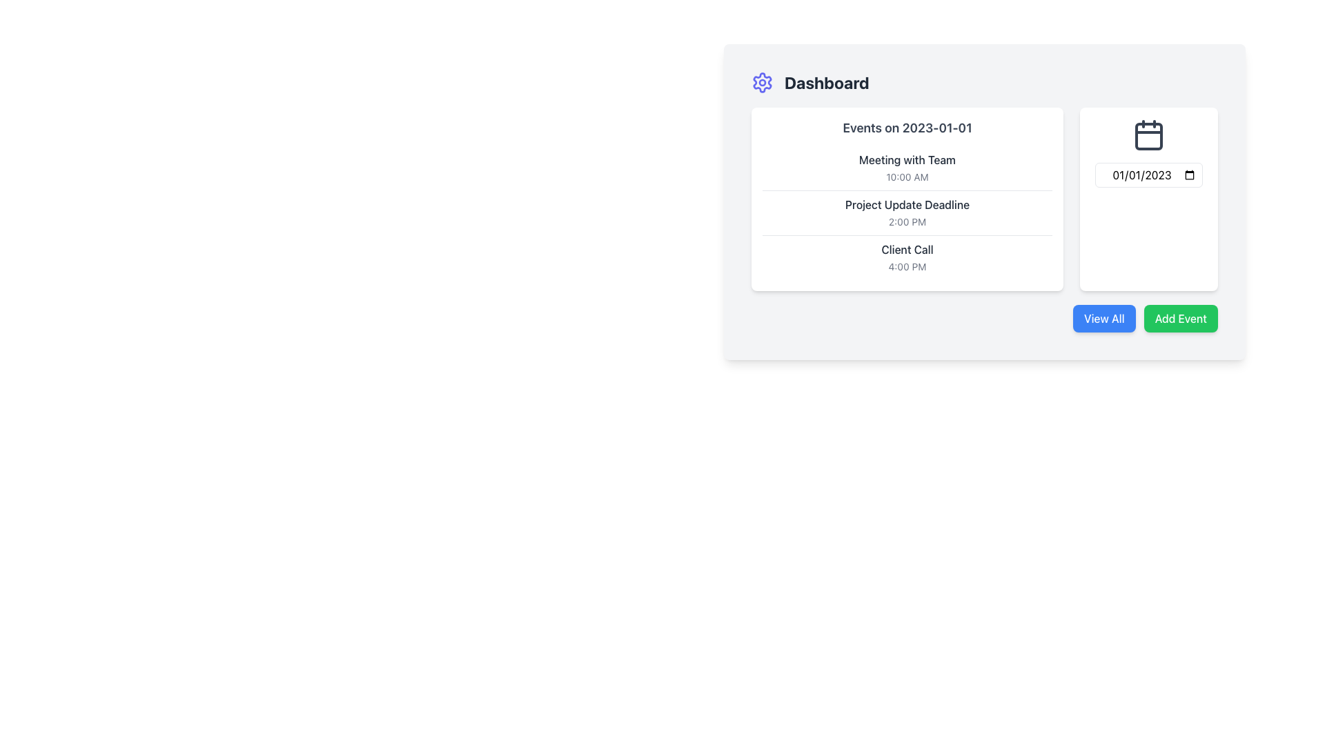 The height and width of the screenshot is (745, 1325). What do you see at coordinates (907, 266) in the screenshot?
I see `the non-interactive Text Label displaying the scheduled time for the event 'Client Call', located in the right-hand column beneath the title` at bounding box center [907, 266].